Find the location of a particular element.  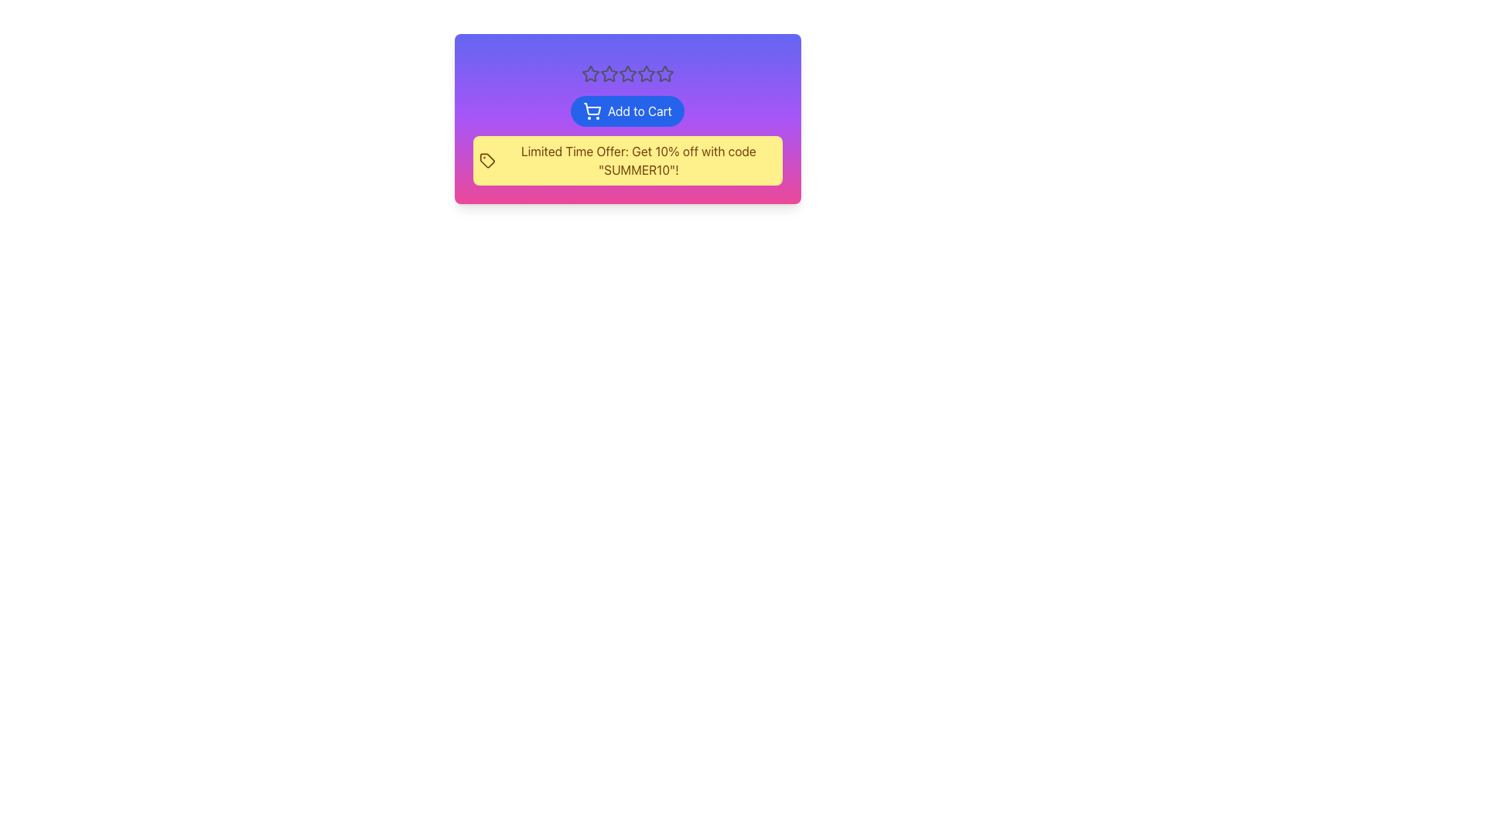

the fourth star in the star rating icon group is located at coordinates (627, 74).